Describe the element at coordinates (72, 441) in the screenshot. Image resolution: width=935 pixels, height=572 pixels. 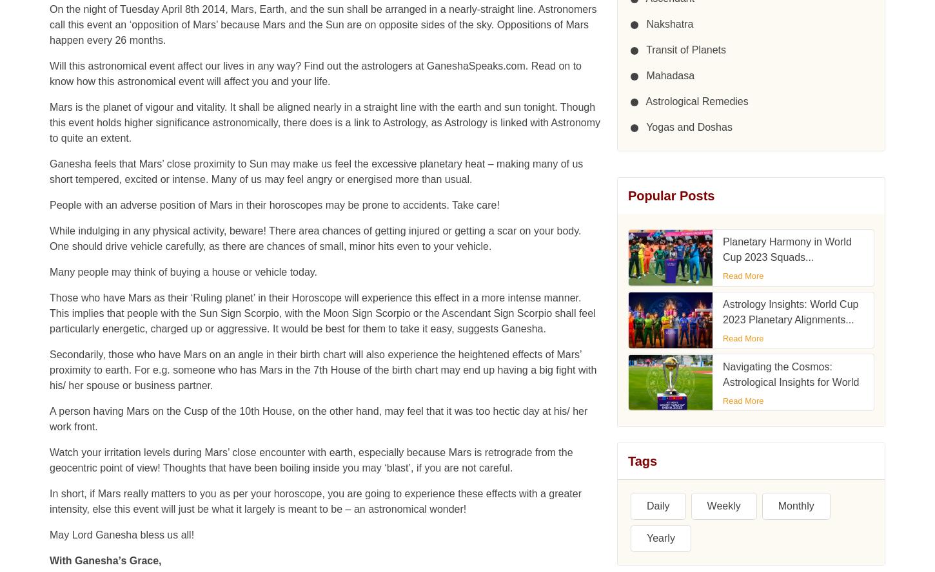
I see `'Sun Signs'` at that location.